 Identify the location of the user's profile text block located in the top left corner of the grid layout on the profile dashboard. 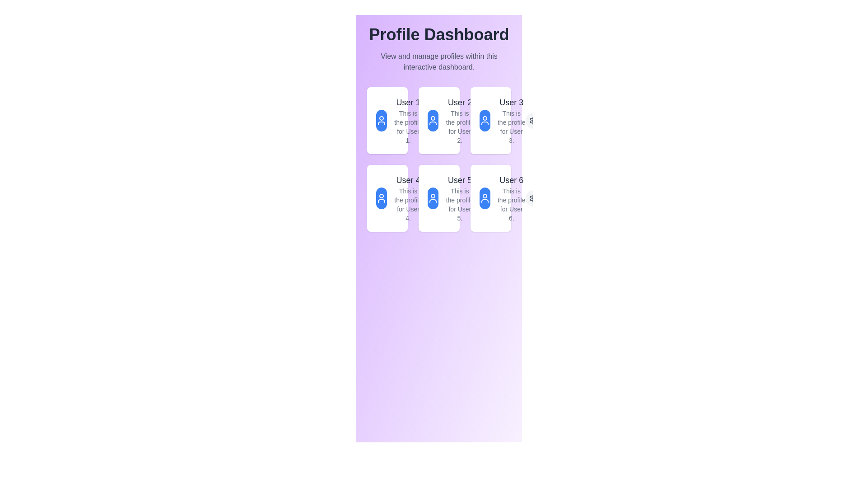
(408, 120).